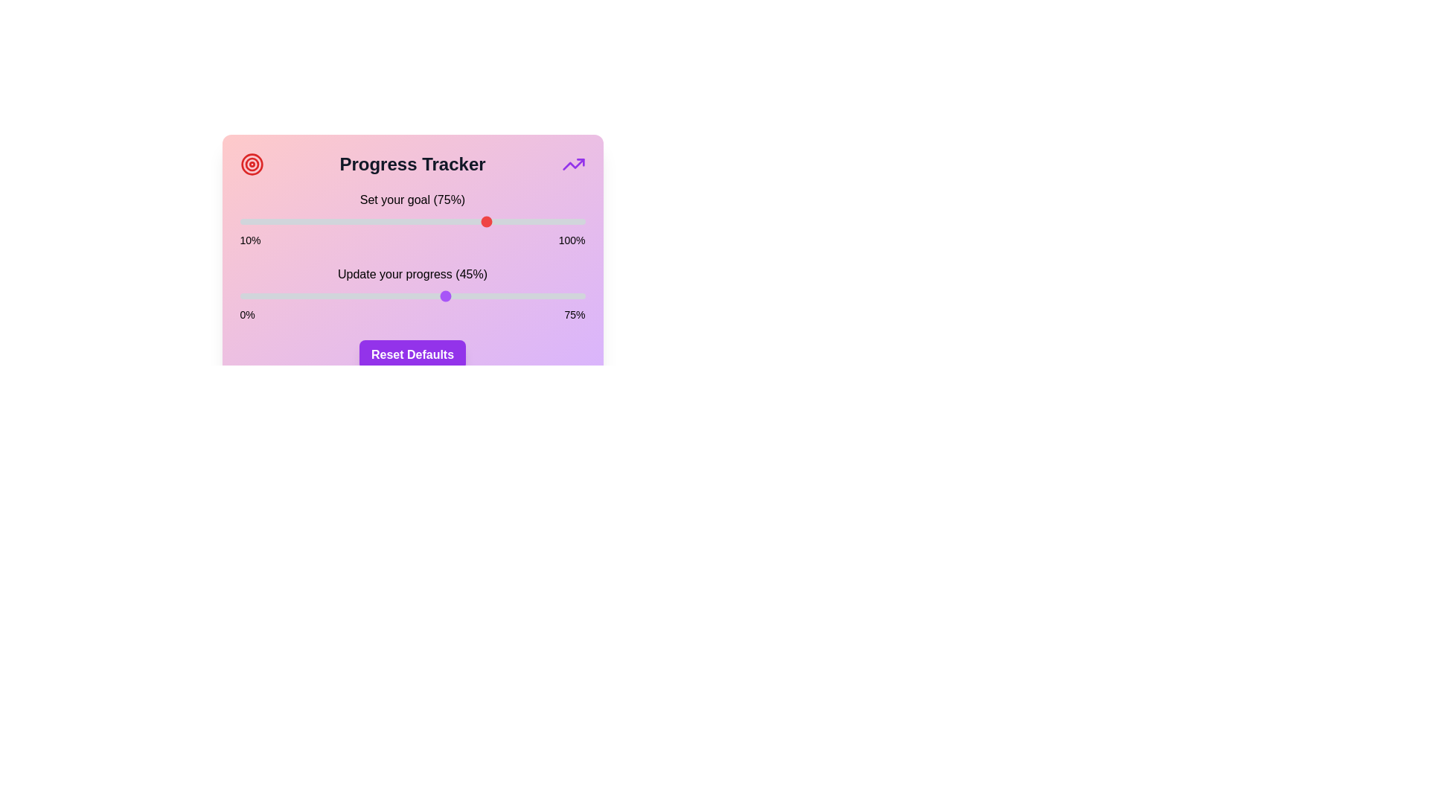  Describe the element at coordinates (327, 296) in the screenshot. I see `the 'Update your progress' slider to set the progress to 19%` at that location.